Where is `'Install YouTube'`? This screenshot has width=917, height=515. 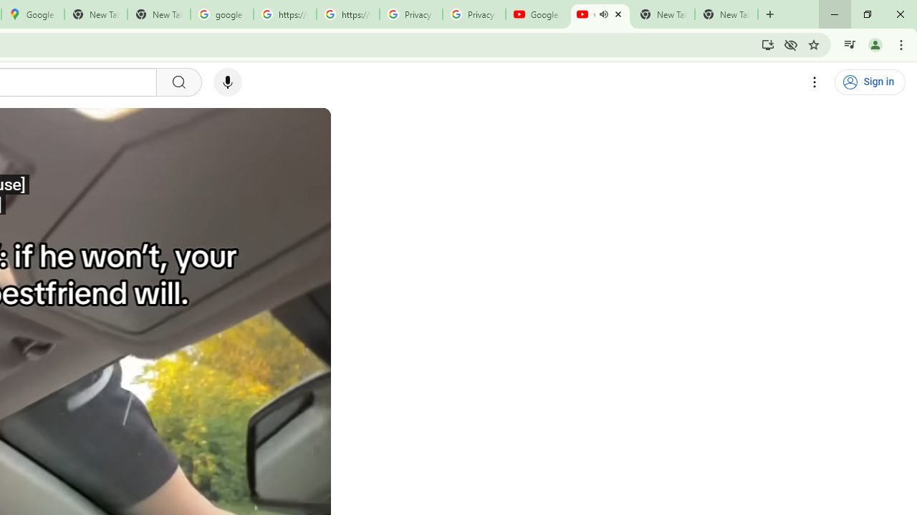
'Install YouTube' is located at coordinates (767, 44).